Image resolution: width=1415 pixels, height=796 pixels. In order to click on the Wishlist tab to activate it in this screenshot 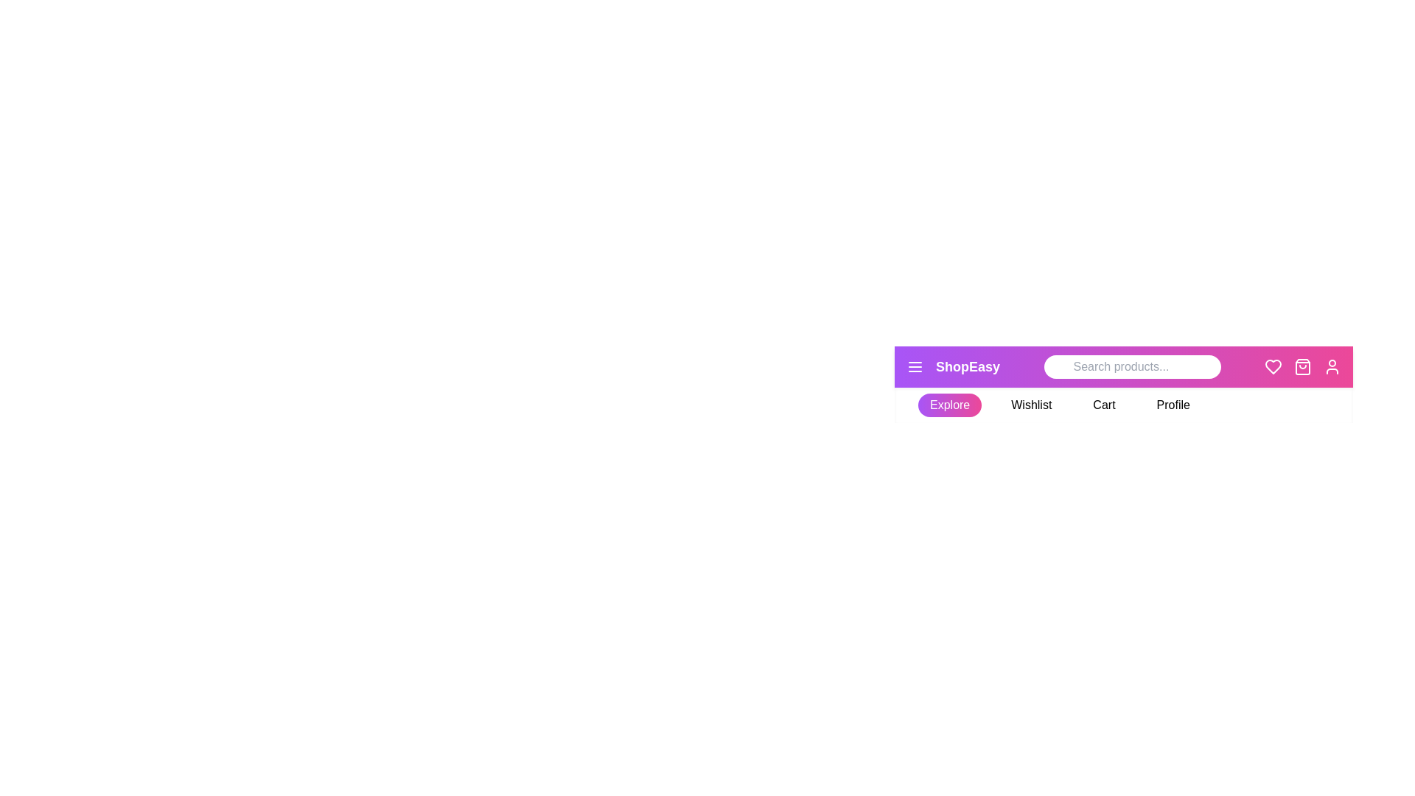, I will do `click(1030, 405)`.